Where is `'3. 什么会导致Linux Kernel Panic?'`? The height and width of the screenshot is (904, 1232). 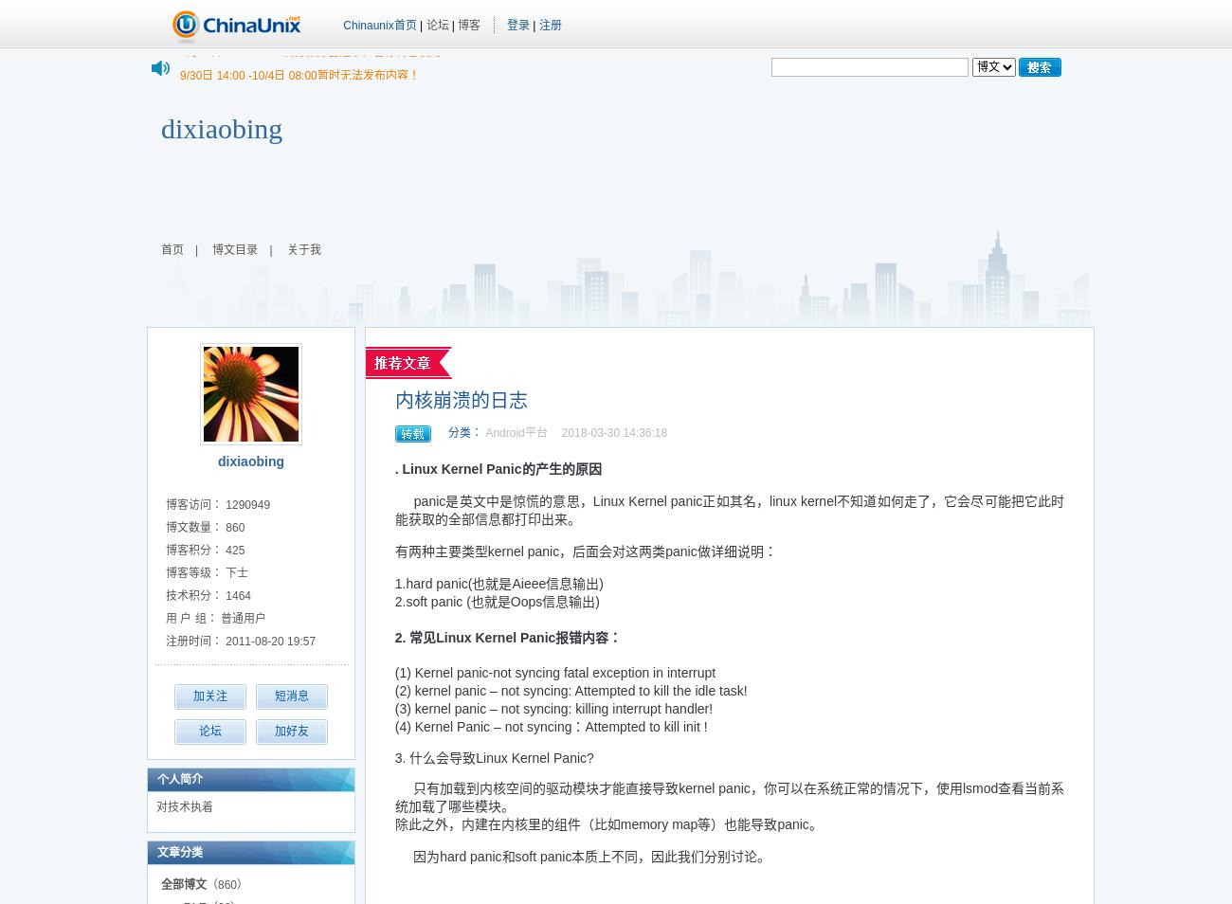
'3. 什么会导致Linux Kernel Panic?' is located at coordinates (394, 758).